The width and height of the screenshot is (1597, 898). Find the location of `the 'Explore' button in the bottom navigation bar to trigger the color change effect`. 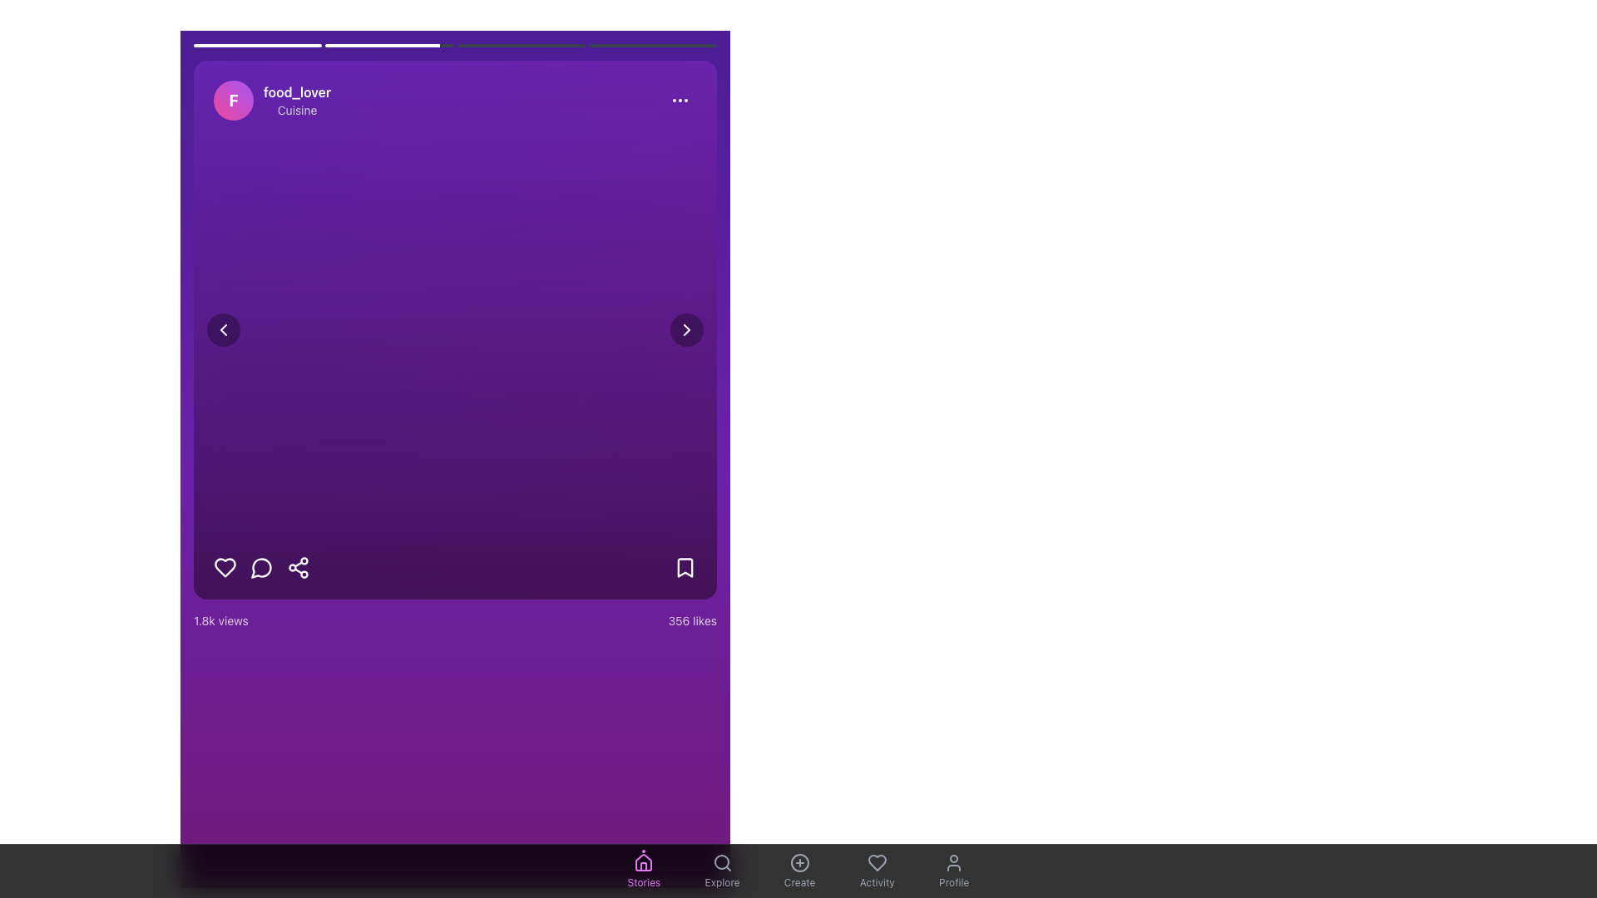

the 'Explore' button in the bottom navigation bar to trigger the color change effect is located at coordinates (722, 871).